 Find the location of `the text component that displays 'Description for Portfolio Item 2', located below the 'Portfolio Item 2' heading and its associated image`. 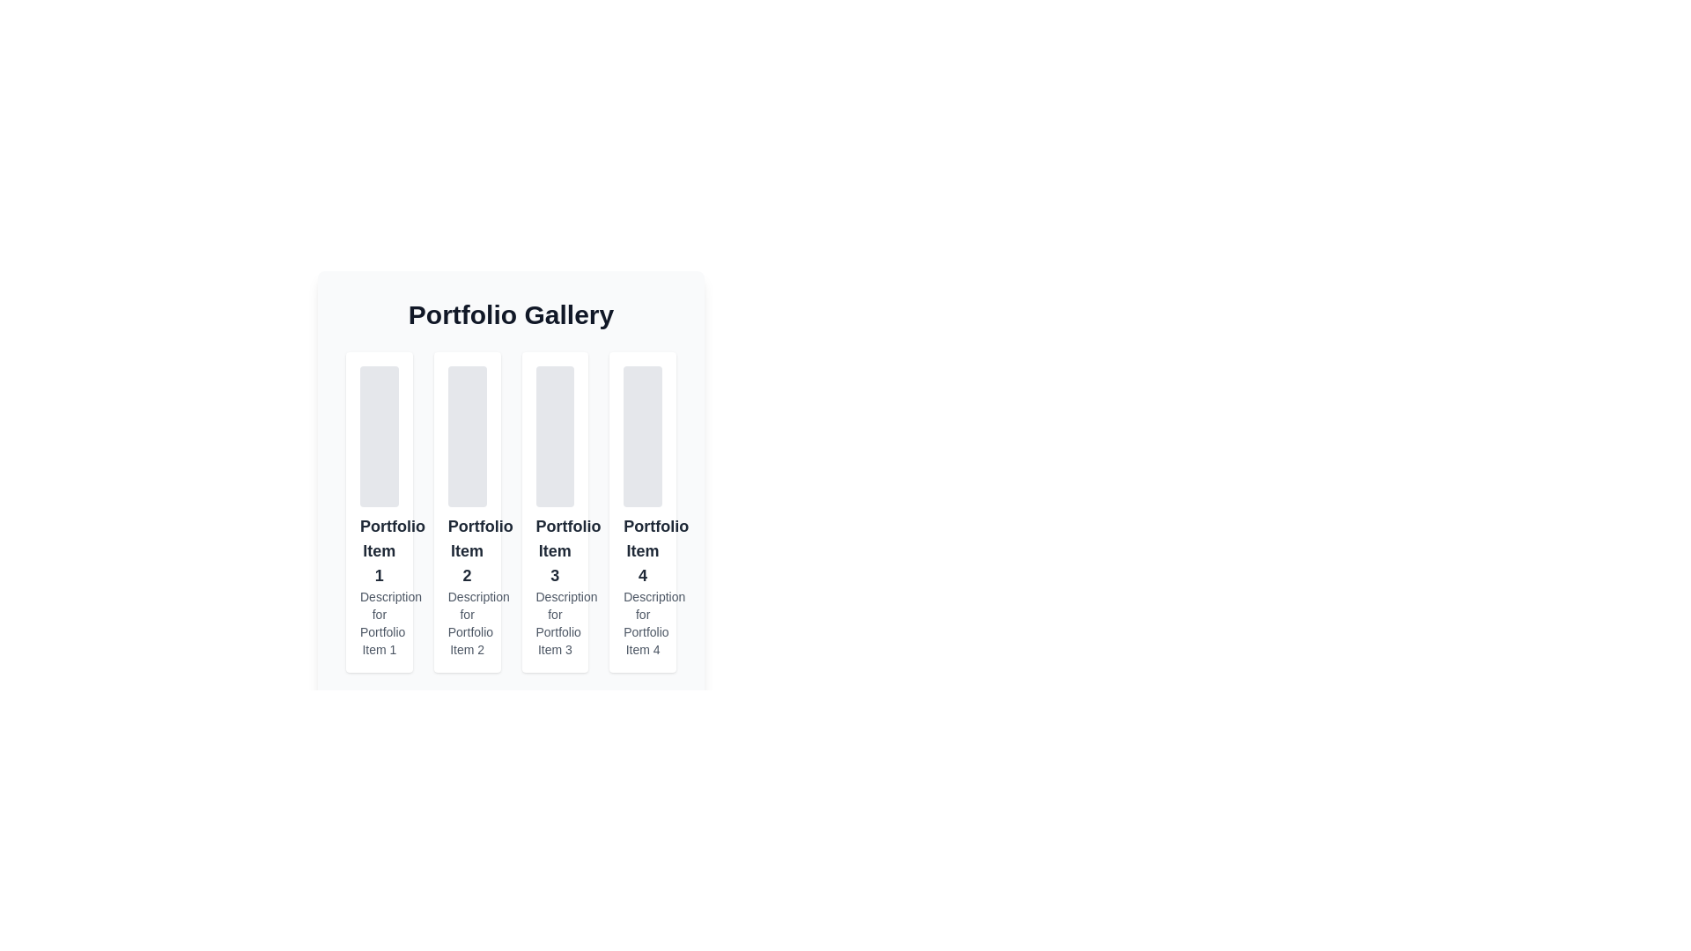

the text component that displays 'Description for Portfolio Item 2', located below the 'Portfolio Item 2' heading and its associated image is located at coordinates (467, 623).